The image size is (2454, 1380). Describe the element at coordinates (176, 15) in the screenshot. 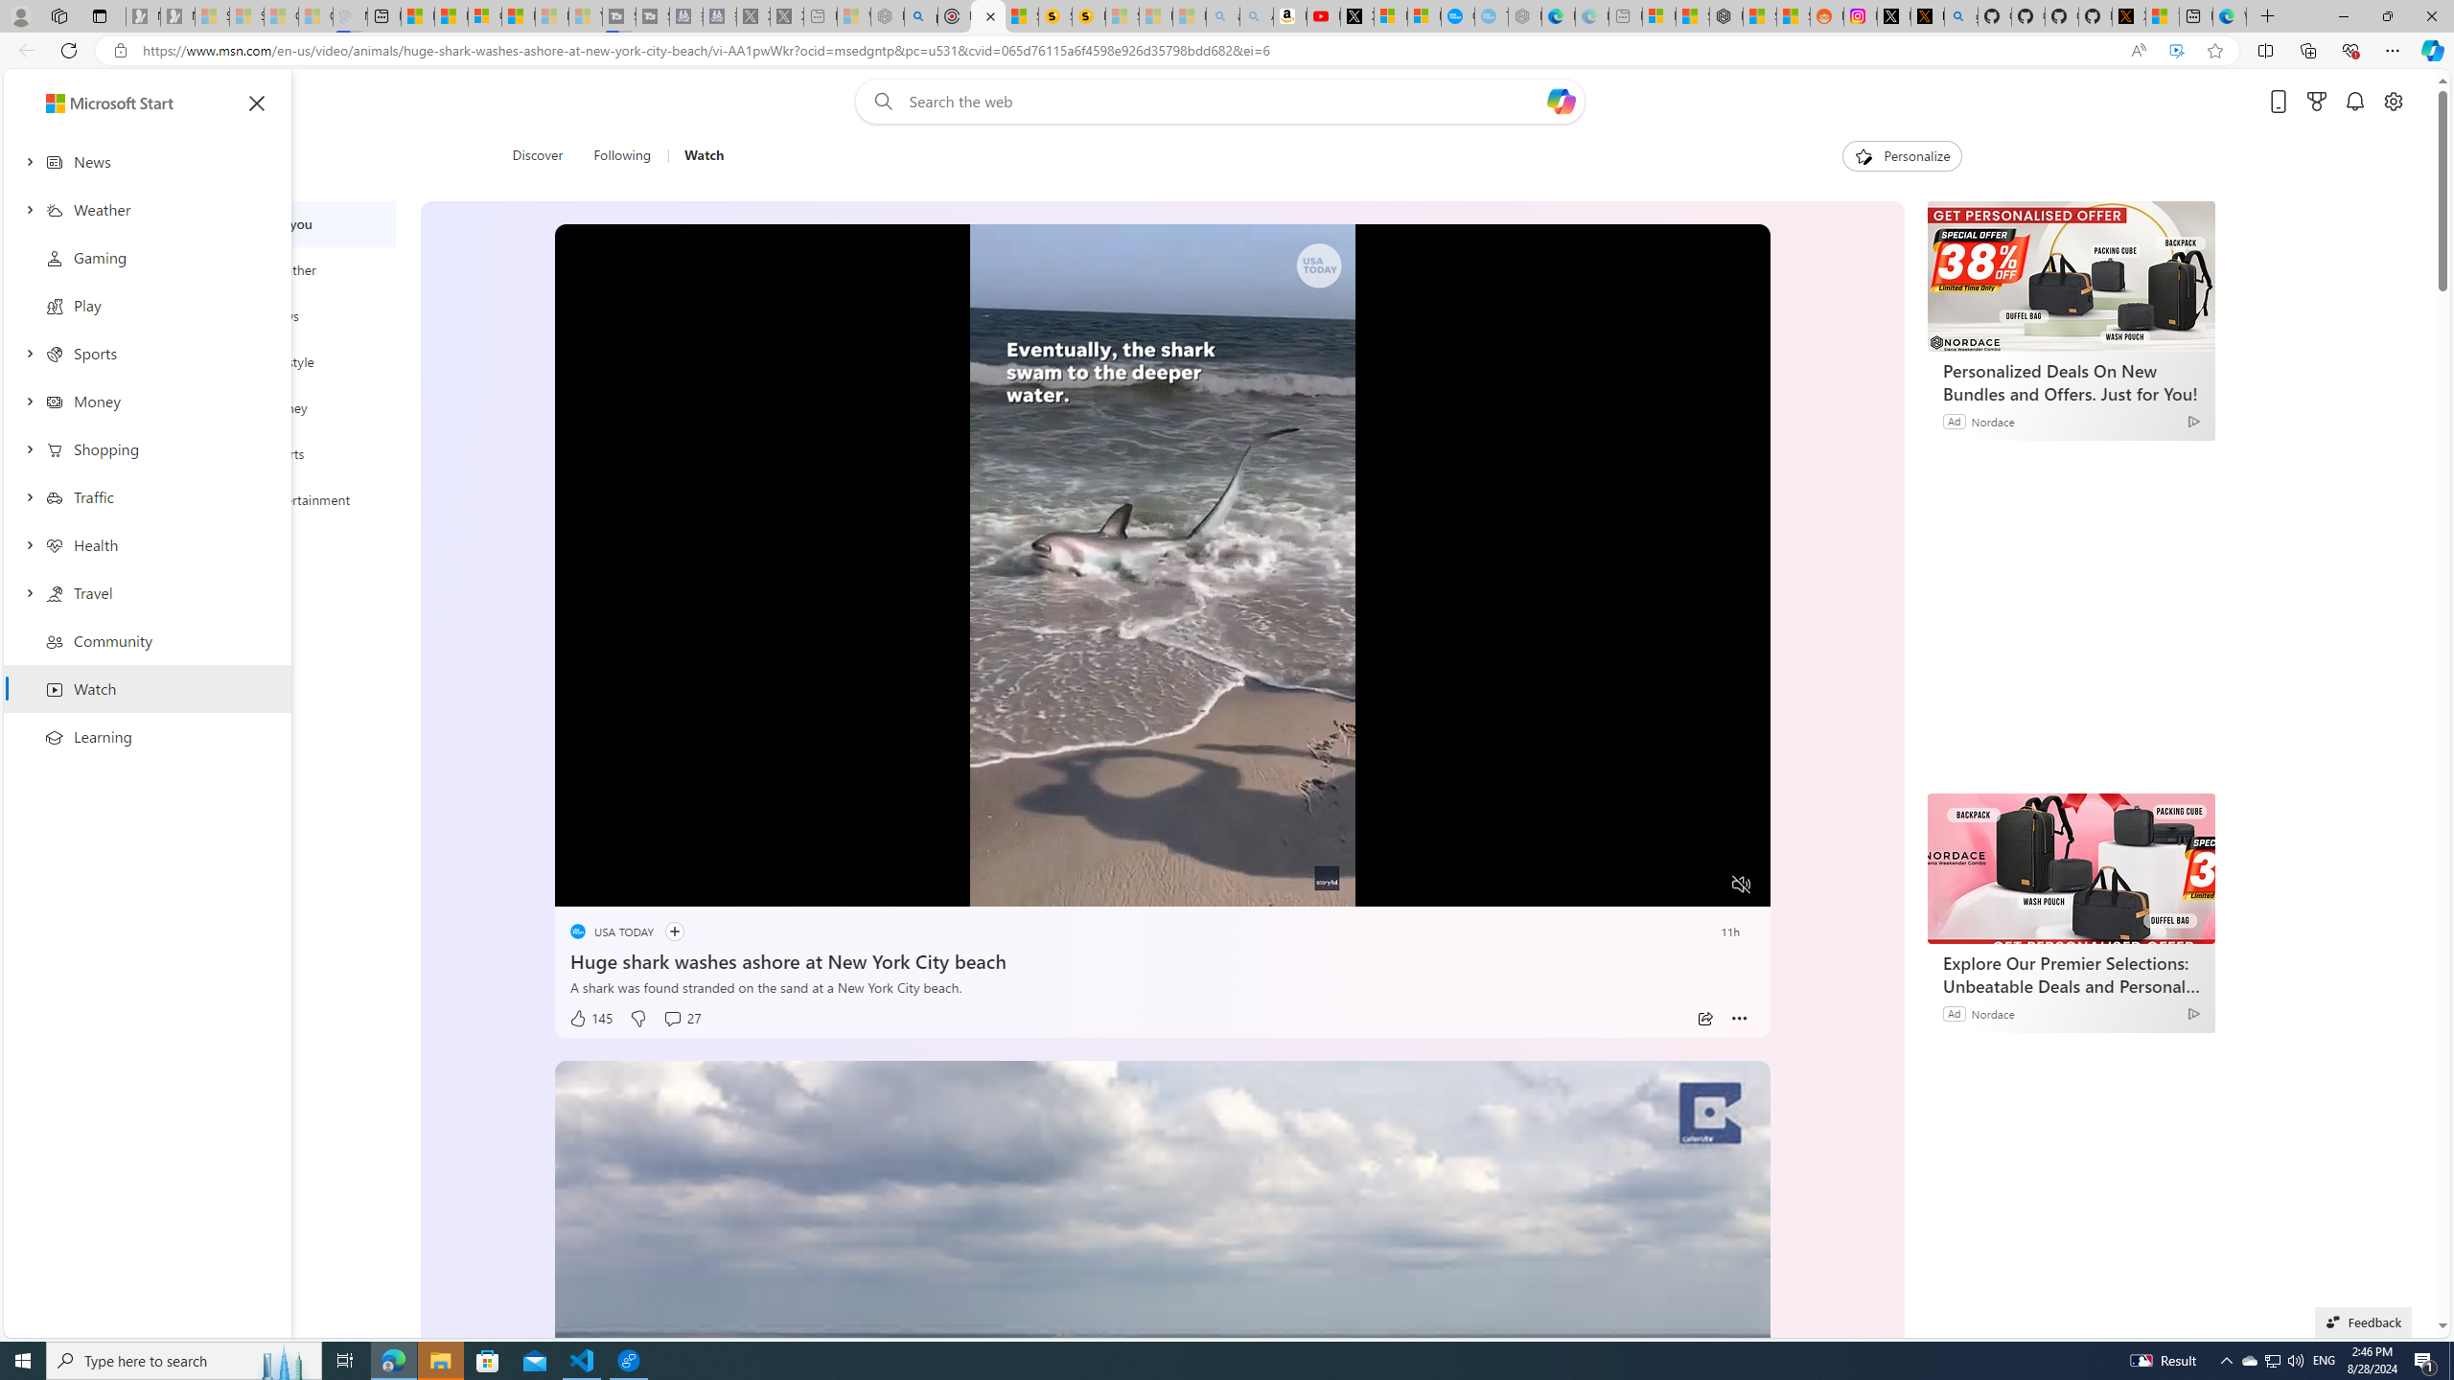

I see `'Newsletter Sign Up - Sleeping'` at that location.